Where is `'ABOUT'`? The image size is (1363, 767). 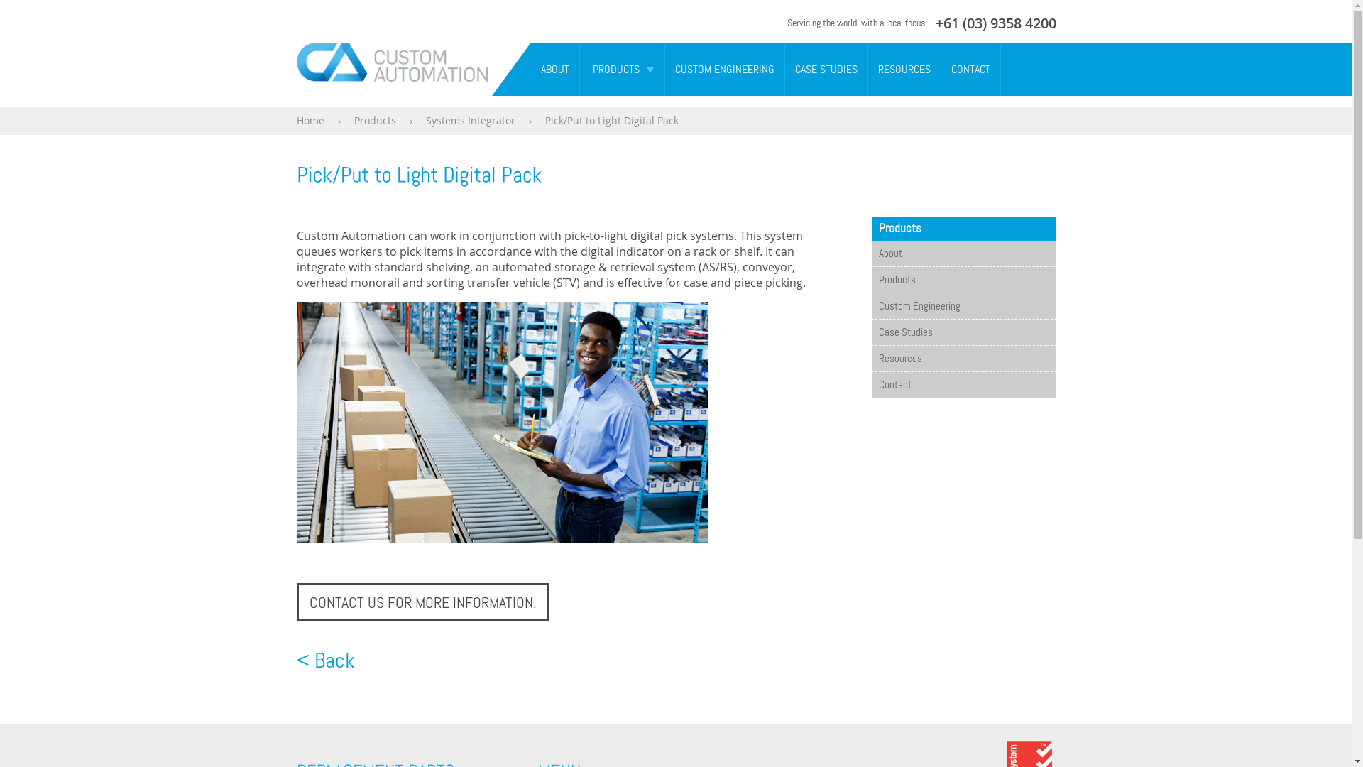
'ABOUT' is located at coordinates (530, 69).